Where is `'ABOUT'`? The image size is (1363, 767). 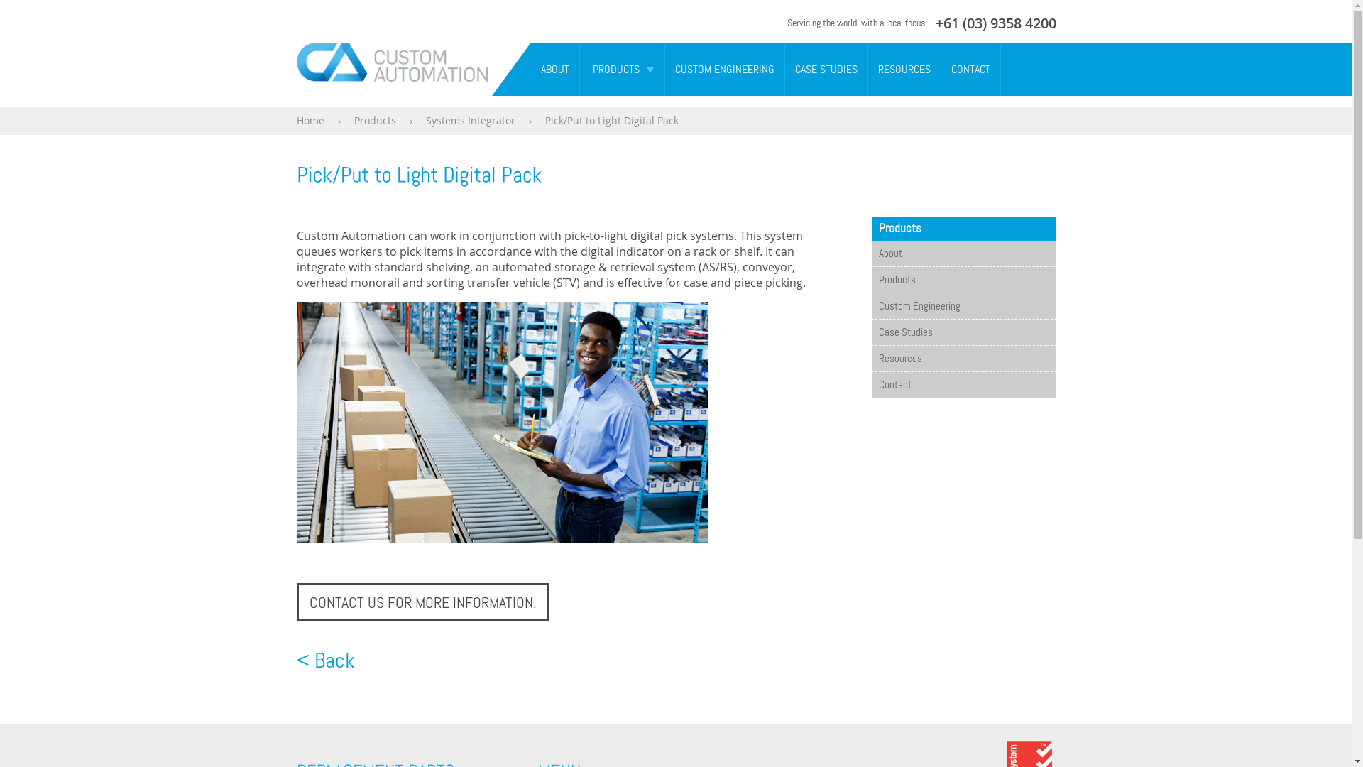
'ABOUT' is located at coordinates (530, 69).